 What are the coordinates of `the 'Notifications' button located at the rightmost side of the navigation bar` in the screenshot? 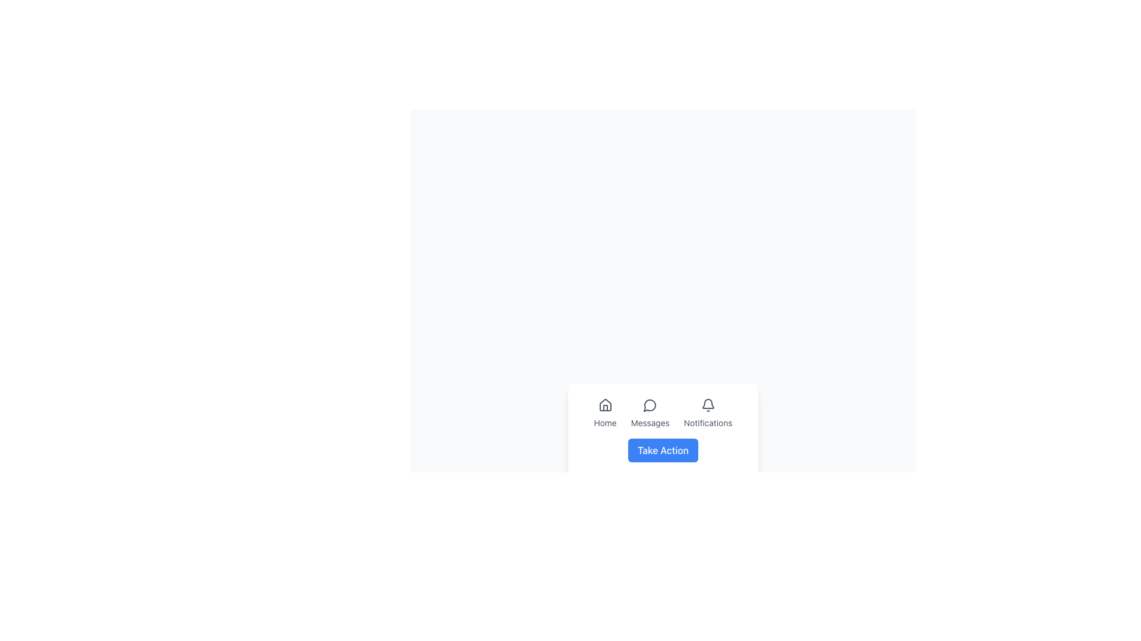 It's located at (708, 413).